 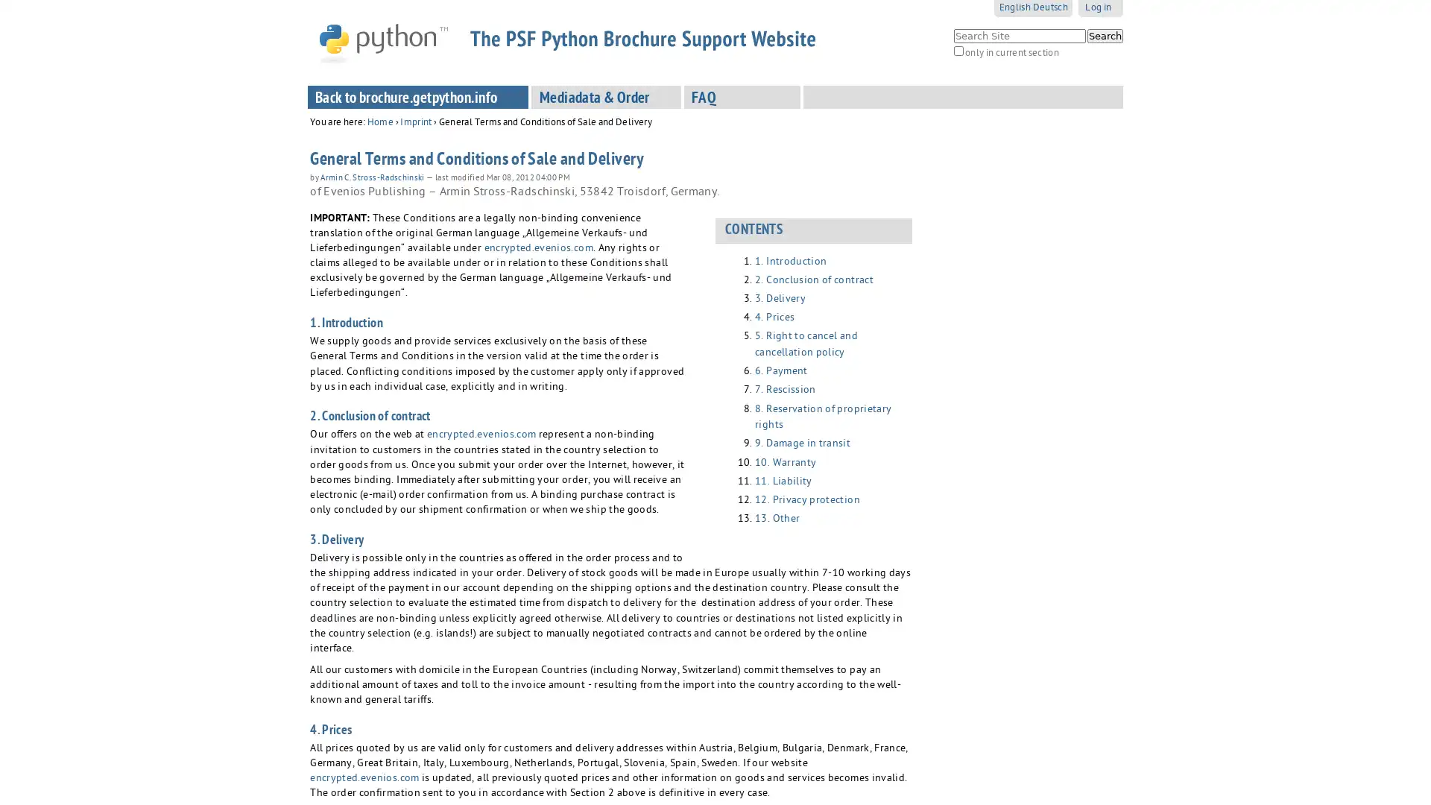 I want to click on Search, so click(x=1105, y=34).